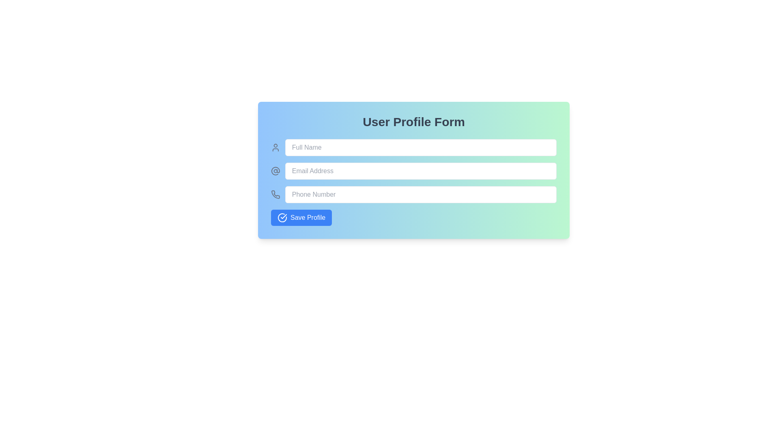 Image resolution: width=779 pixels, height=438 pixels. What do you see at coordinates (413, 122) in the screenshot?
I see `text of the heading 'User Profile Form', which is a large, bold, gray text located at the top of the form` at bounding box center [413, 122].